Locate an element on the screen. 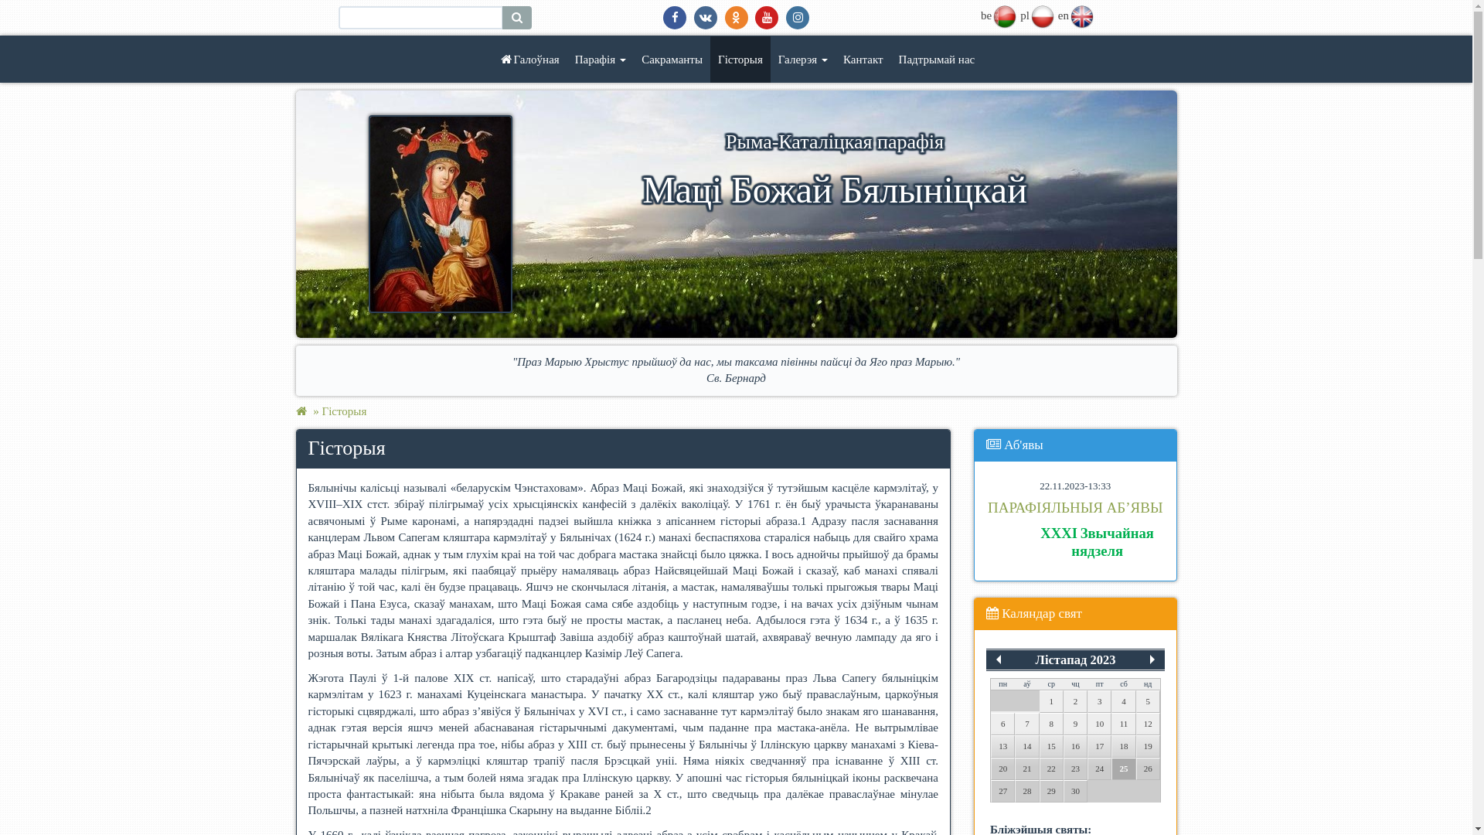  'en' is located at coordinates (1081, 15).